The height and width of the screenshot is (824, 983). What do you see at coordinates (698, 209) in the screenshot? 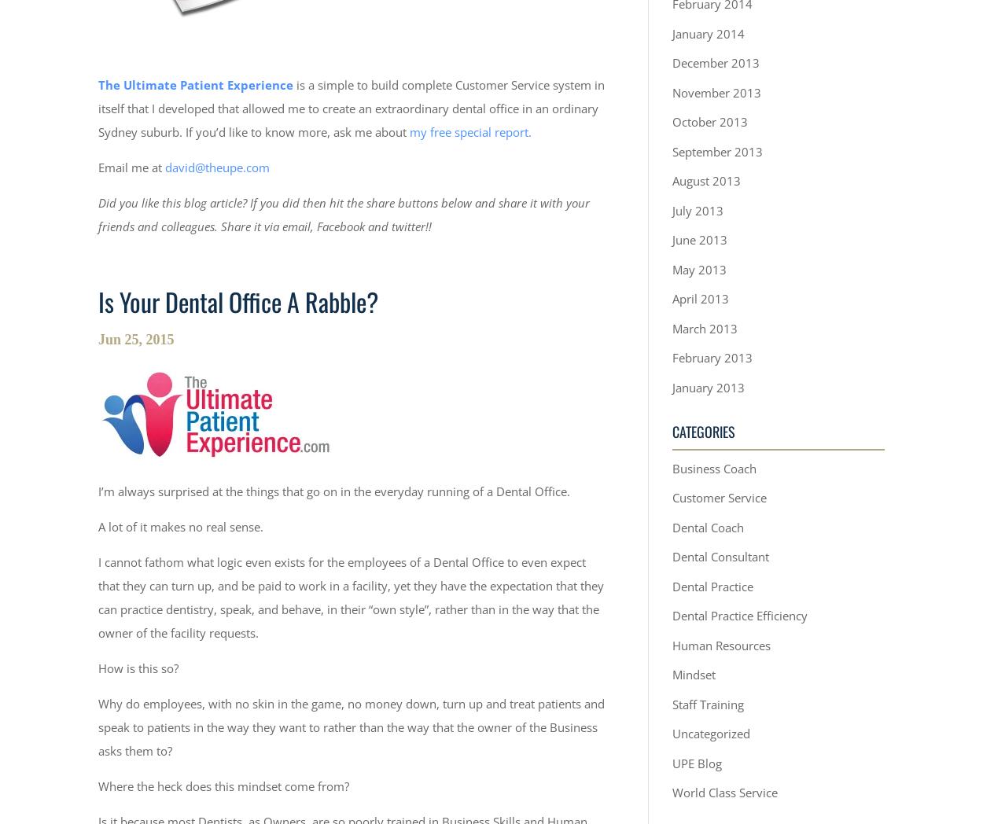
I see `'July 2013'` at bounding box center [698, 209].